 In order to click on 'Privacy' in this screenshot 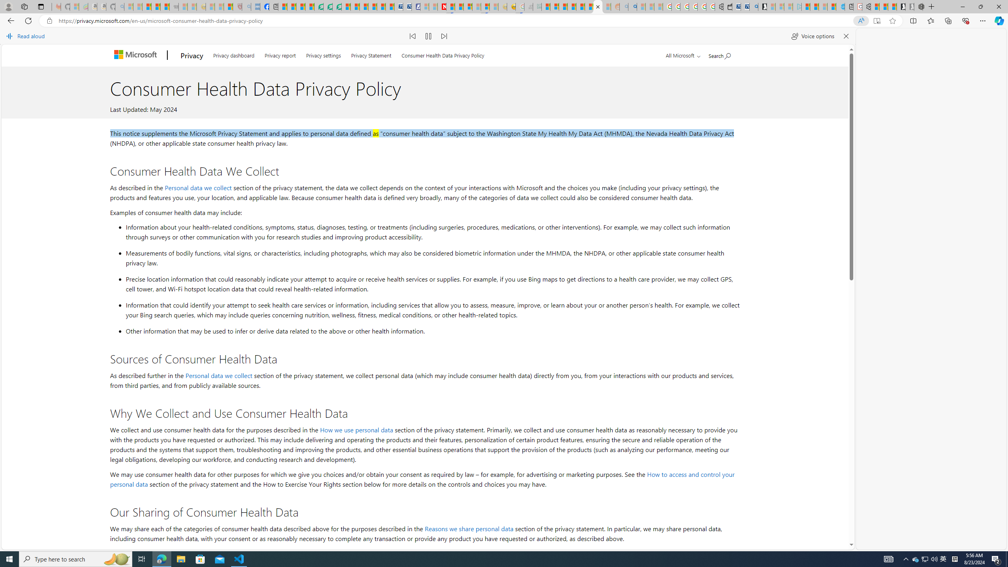, I will do `click(191, 56)`.